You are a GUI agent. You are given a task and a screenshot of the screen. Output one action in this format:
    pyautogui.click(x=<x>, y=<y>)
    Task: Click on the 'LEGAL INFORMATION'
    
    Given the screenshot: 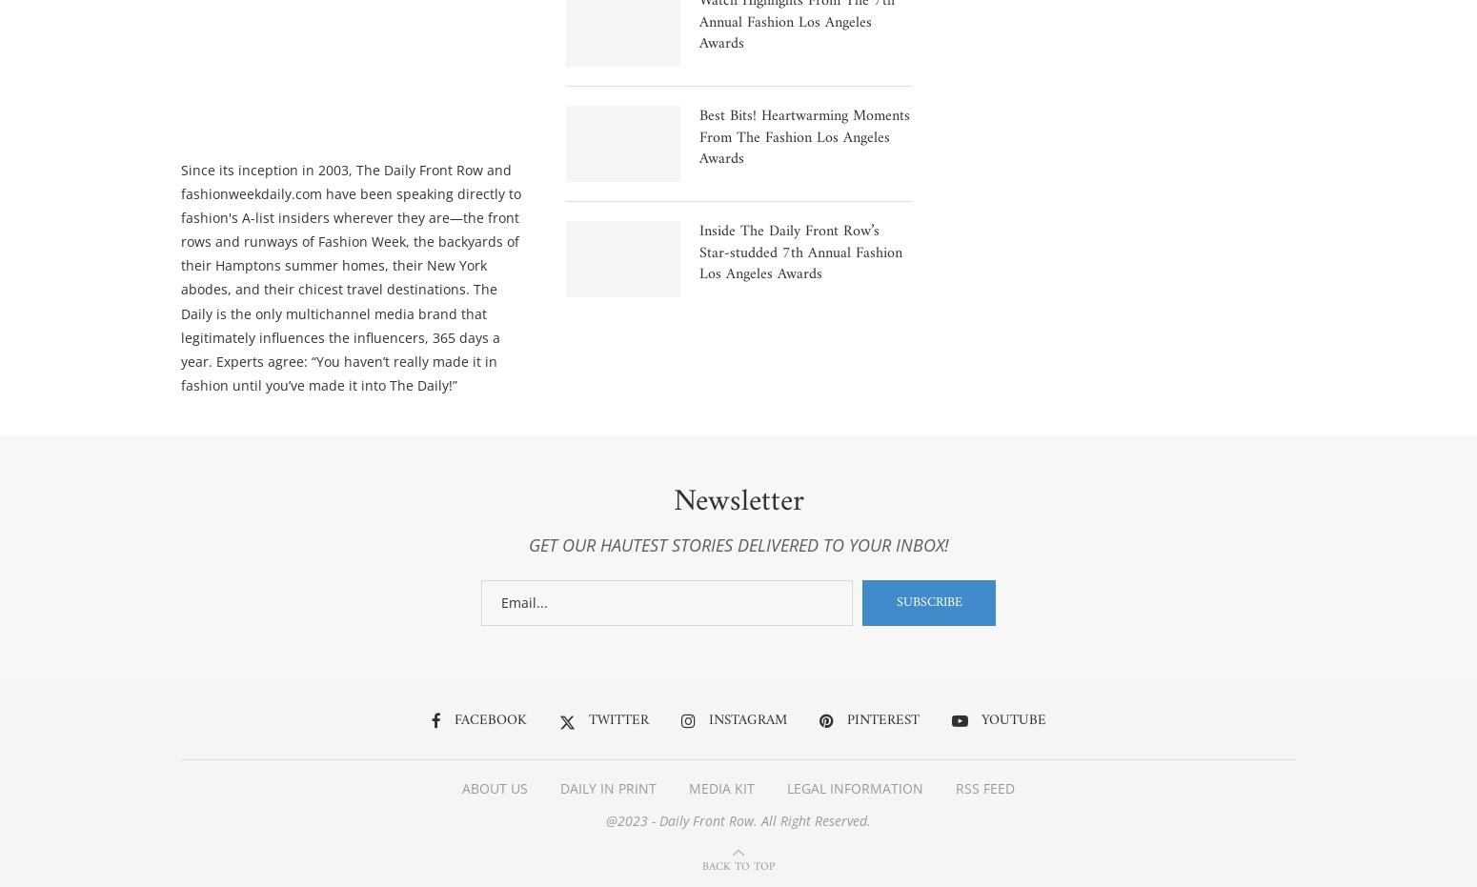 What is the action you would take?
    pyautogui.click(x=785, y=790)
    